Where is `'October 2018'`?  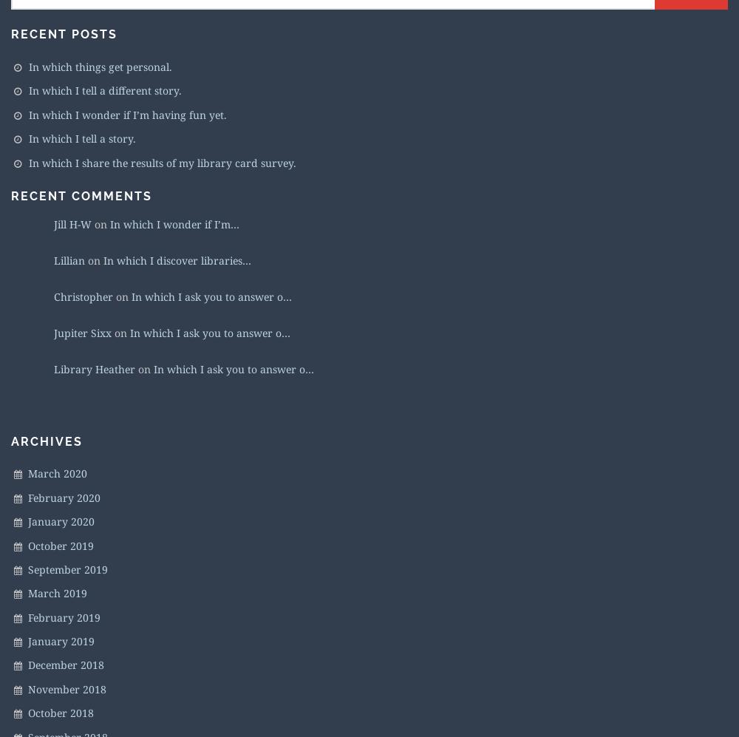 'October 2018' is located at coordinates (28, 712).